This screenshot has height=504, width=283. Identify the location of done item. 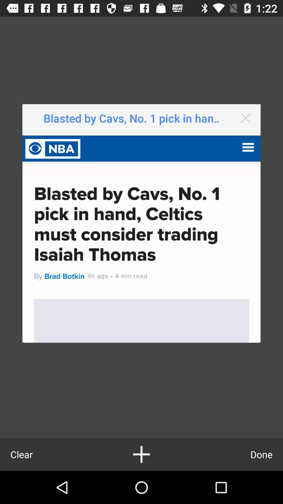
(261, 454).